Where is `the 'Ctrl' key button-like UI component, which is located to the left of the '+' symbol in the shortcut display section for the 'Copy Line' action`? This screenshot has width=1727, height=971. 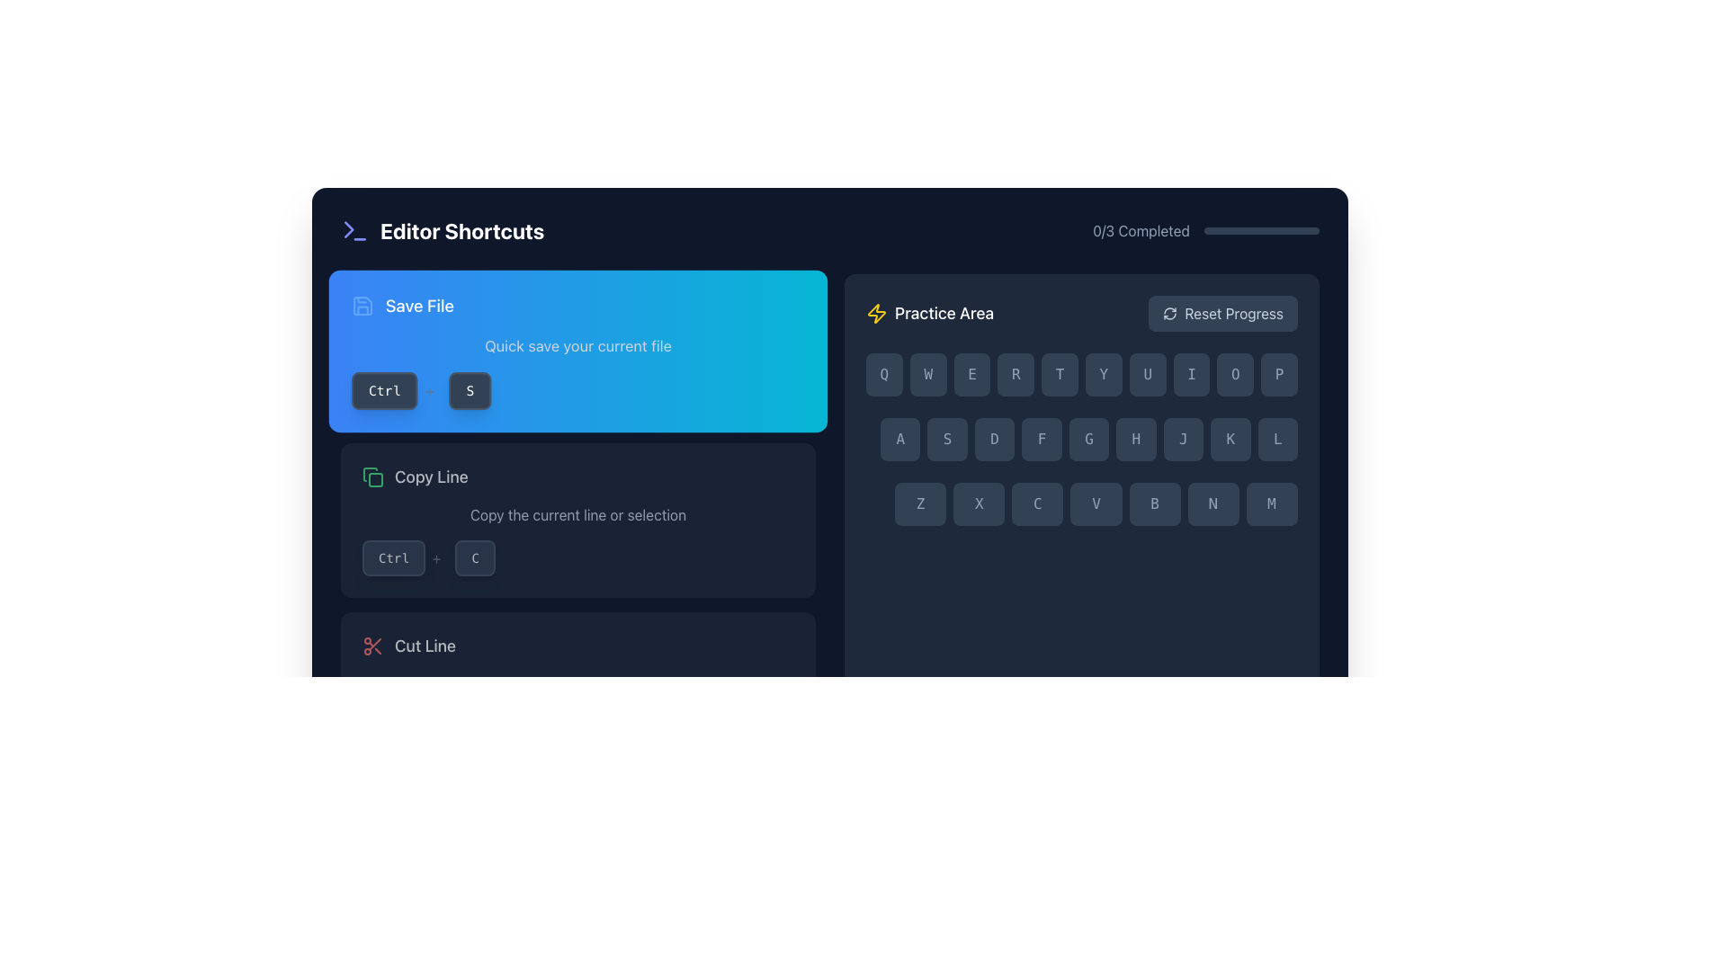 the 'Ctrl' key button-like UI component, which is located to the left of the '+' symbol in the shortcut display section for the 'Copy Line' action is located at coordinates (392, 557).